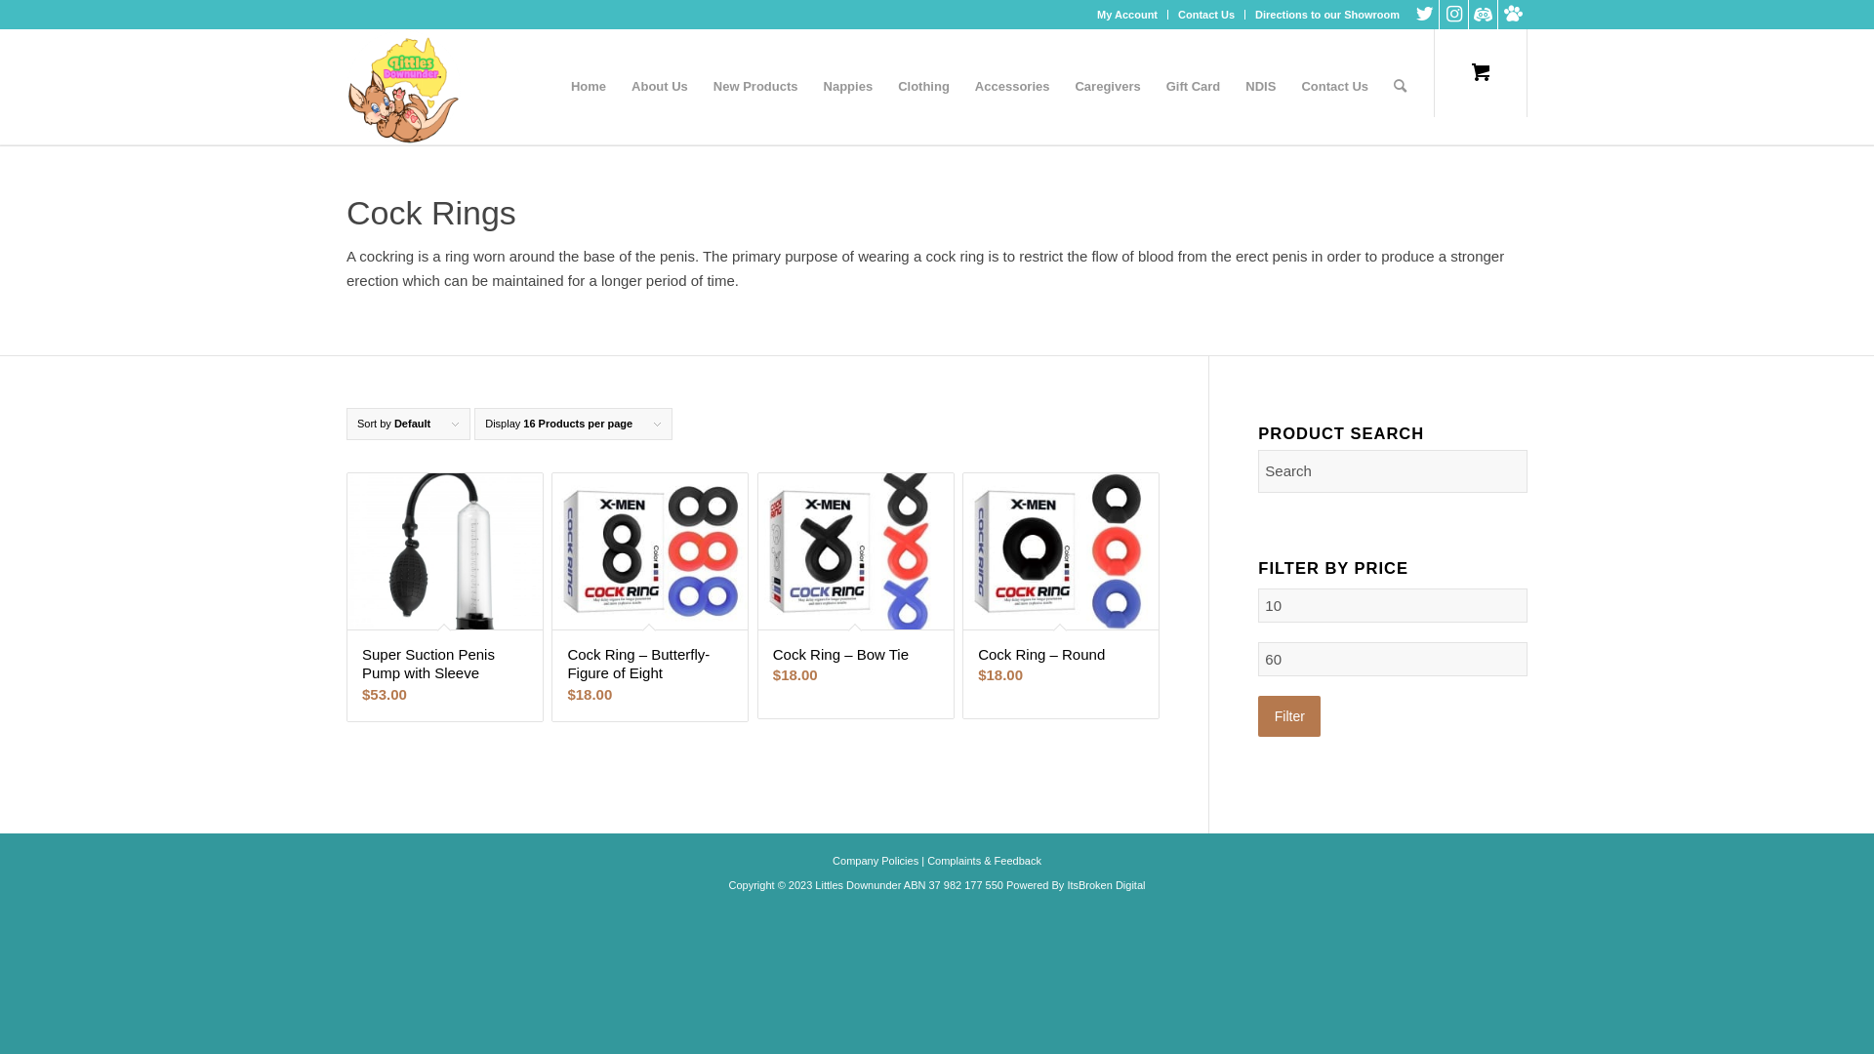 The image size is (1874, 1054). What do you see at coordinates (922, 85) in the screenshot?
I see `'Clothing'` at bounding box center [922, 85].